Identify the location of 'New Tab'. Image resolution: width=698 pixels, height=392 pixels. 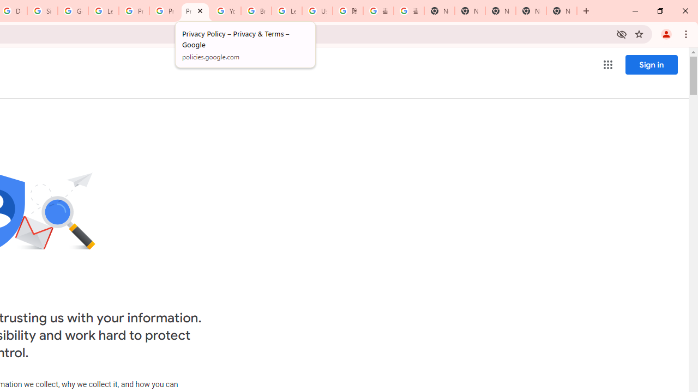
(562, 11).